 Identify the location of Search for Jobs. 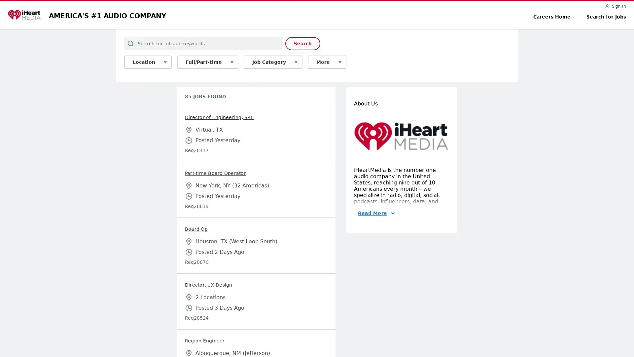
(609, 17).